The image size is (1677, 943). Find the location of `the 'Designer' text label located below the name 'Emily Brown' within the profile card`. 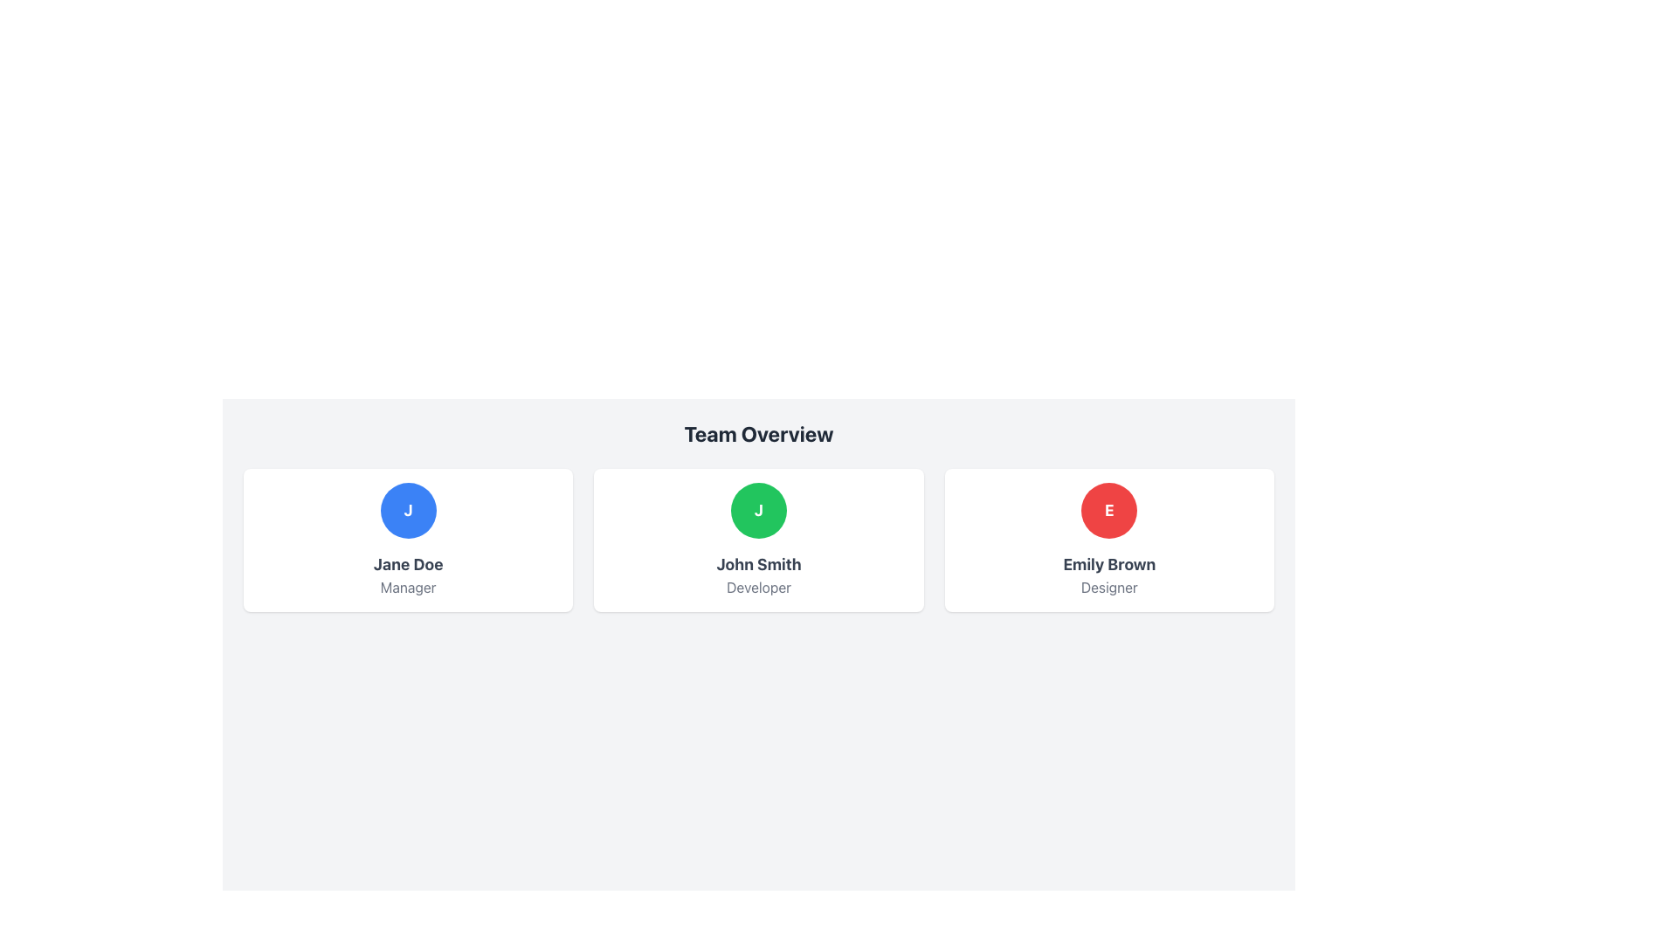

the 'Designer' text label located below the name 'Emily Brown' within the profile card is located at coordinates (1108, 587).